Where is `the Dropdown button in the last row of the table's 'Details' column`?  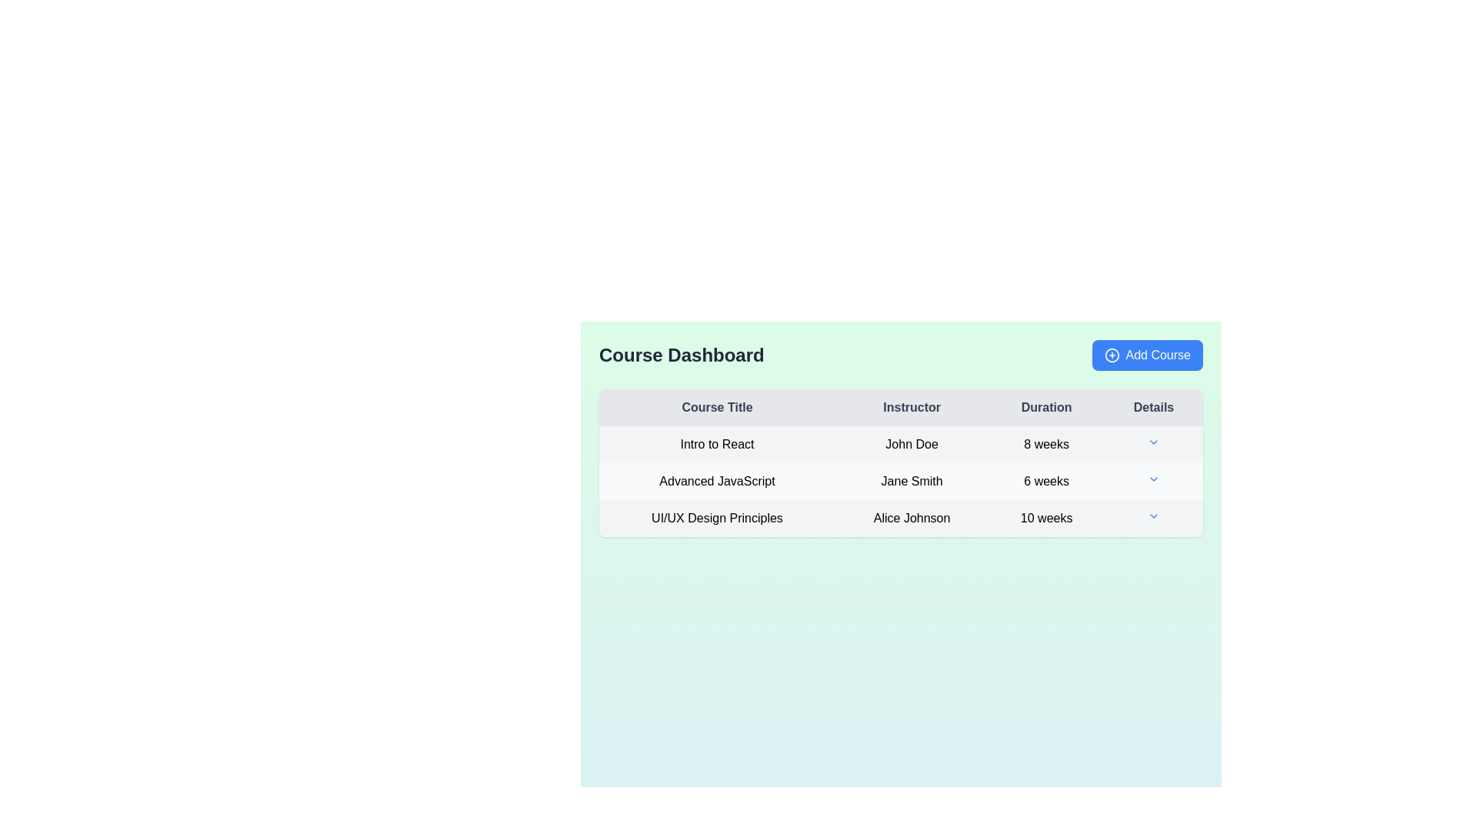 the Dropdown button in the last row of the table's 'Details' column is located at coordinates (1154, 516).